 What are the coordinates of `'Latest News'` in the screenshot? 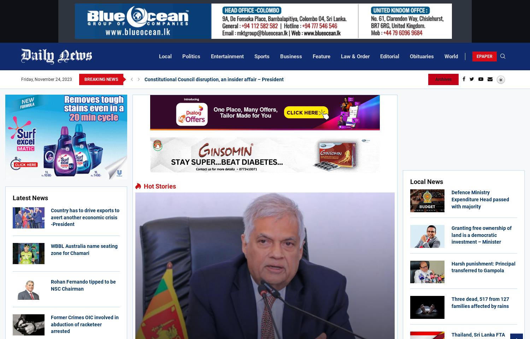 It's located at (13, 197).